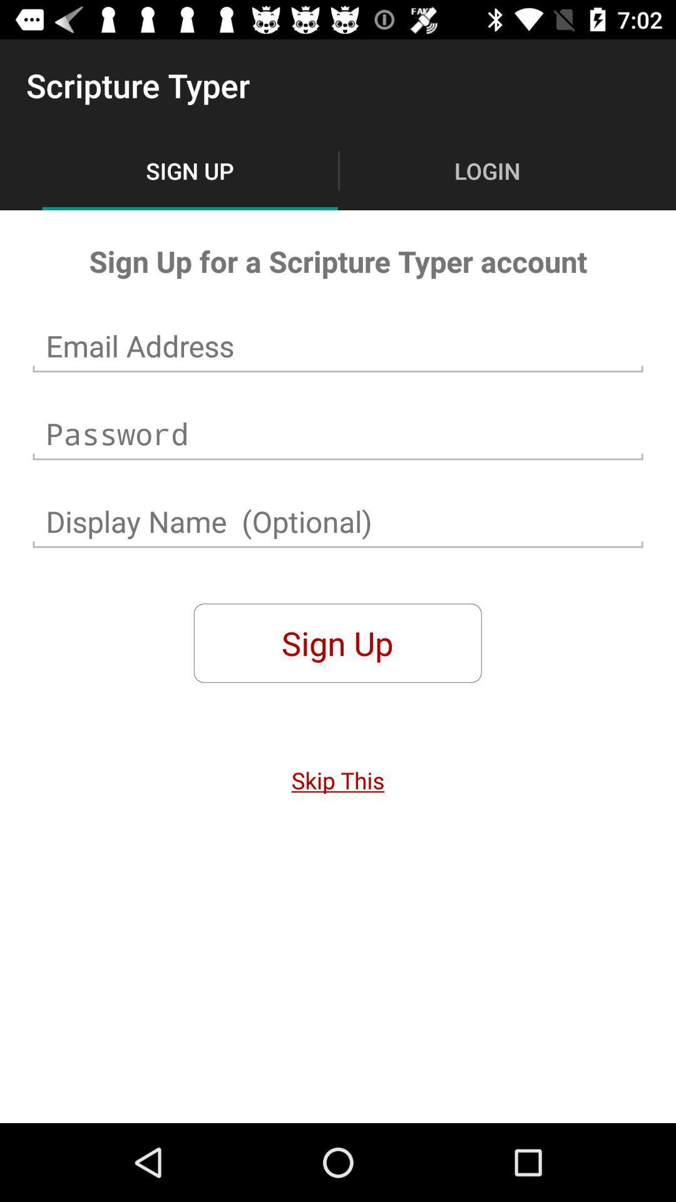 This screenshot has width=676, height=1202. I want to click on password, so click(338, 434).